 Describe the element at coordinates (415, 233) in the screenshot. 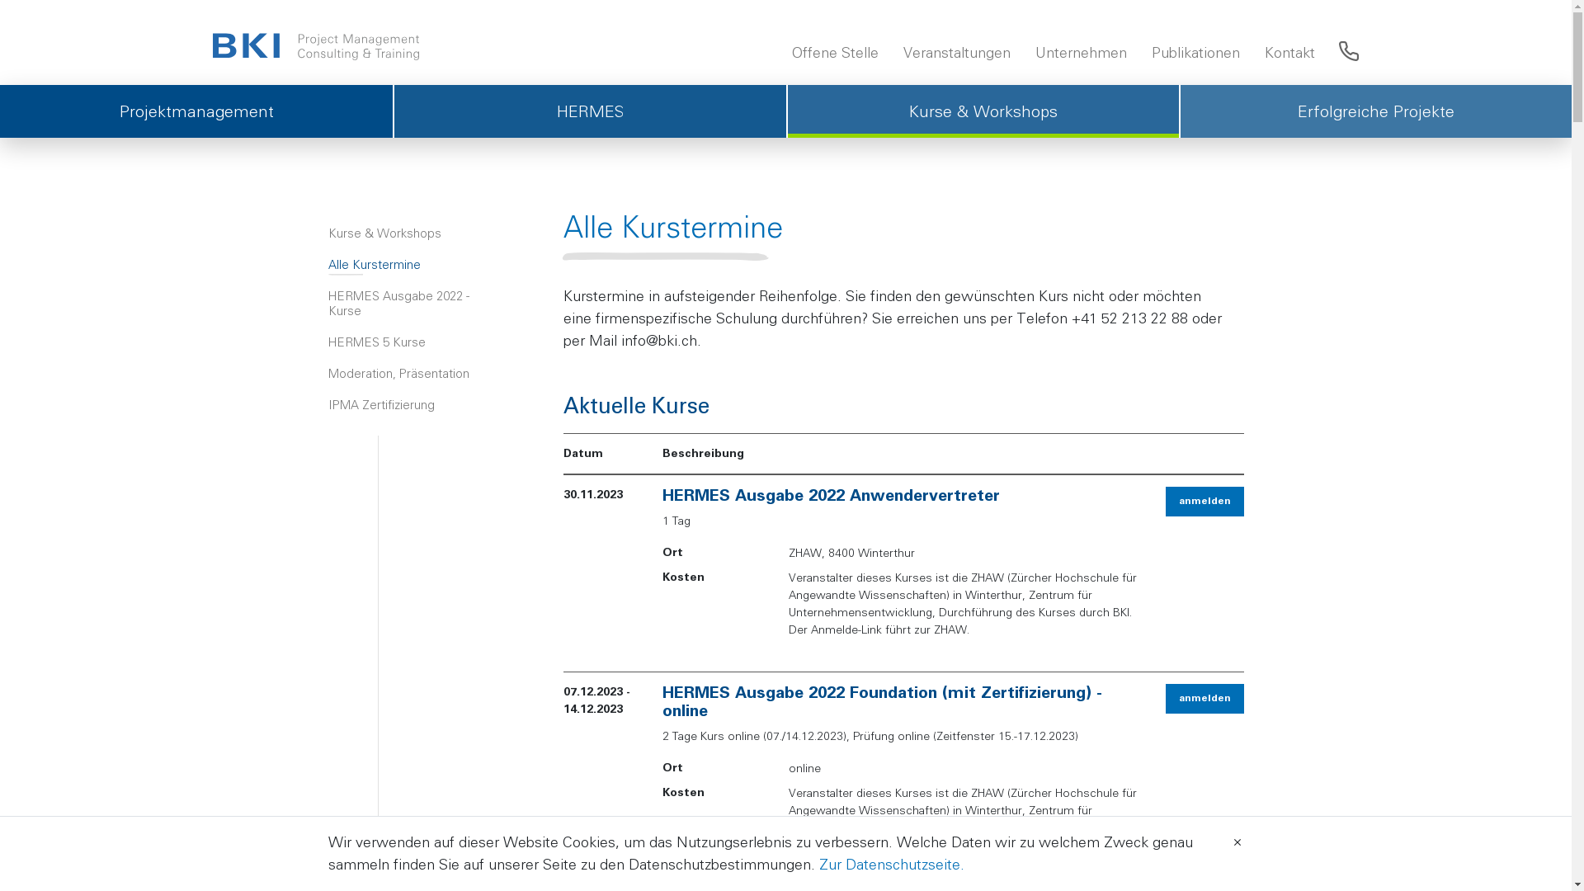

I see `'Kurse & Workshops'` at that location.